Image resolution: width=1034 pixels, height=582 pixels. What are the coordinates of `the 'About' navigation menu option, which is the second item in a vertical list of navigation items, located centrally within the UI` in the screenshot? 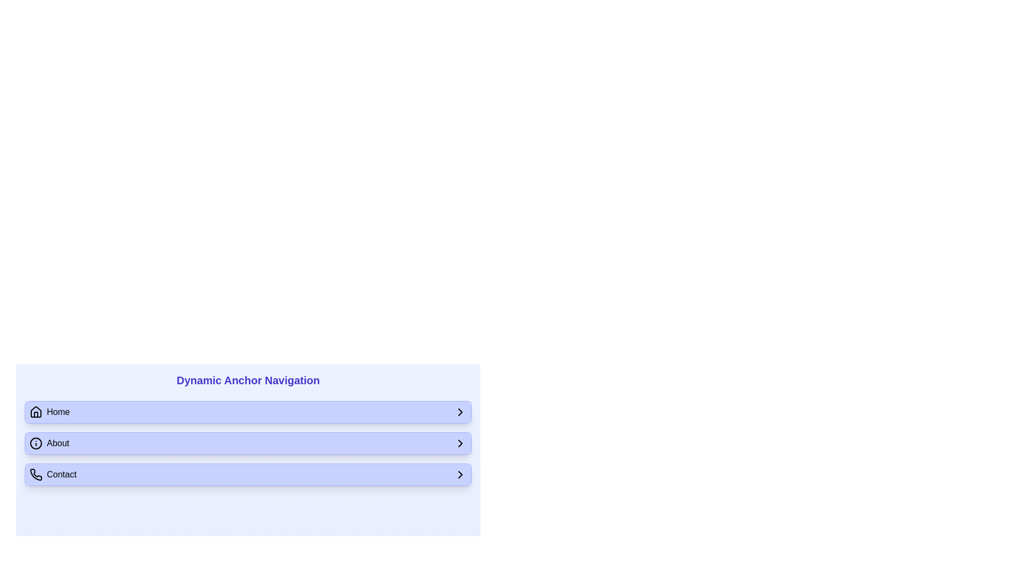 It's located at (247, 443).